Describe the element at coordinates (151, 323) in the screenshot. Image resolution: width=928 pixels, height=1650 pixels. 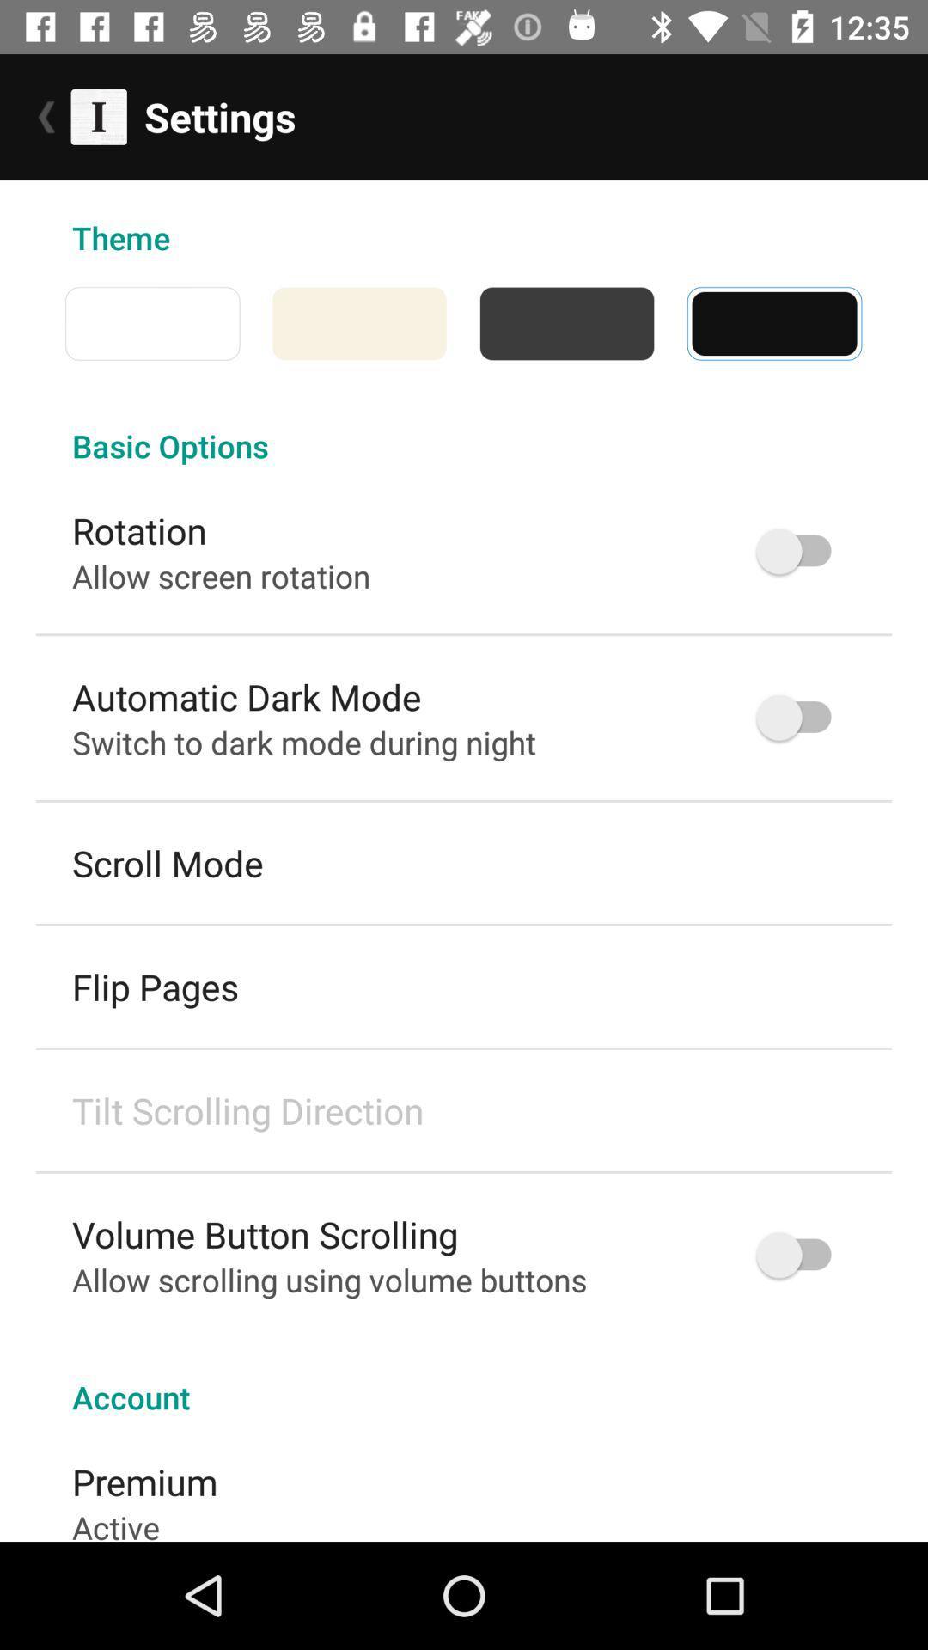
I see `the item above basic options icon` at that location.